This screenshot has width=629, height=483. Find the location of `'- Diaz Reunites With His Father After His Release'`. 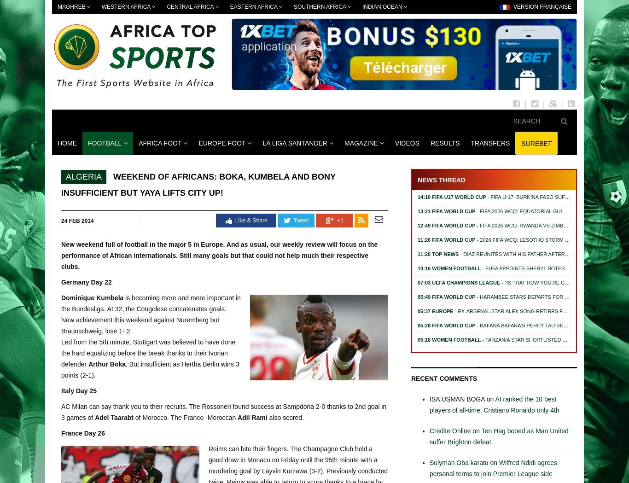

'- Diaz Reunites With His Father After His Release' is located at coordinates (529, 254).